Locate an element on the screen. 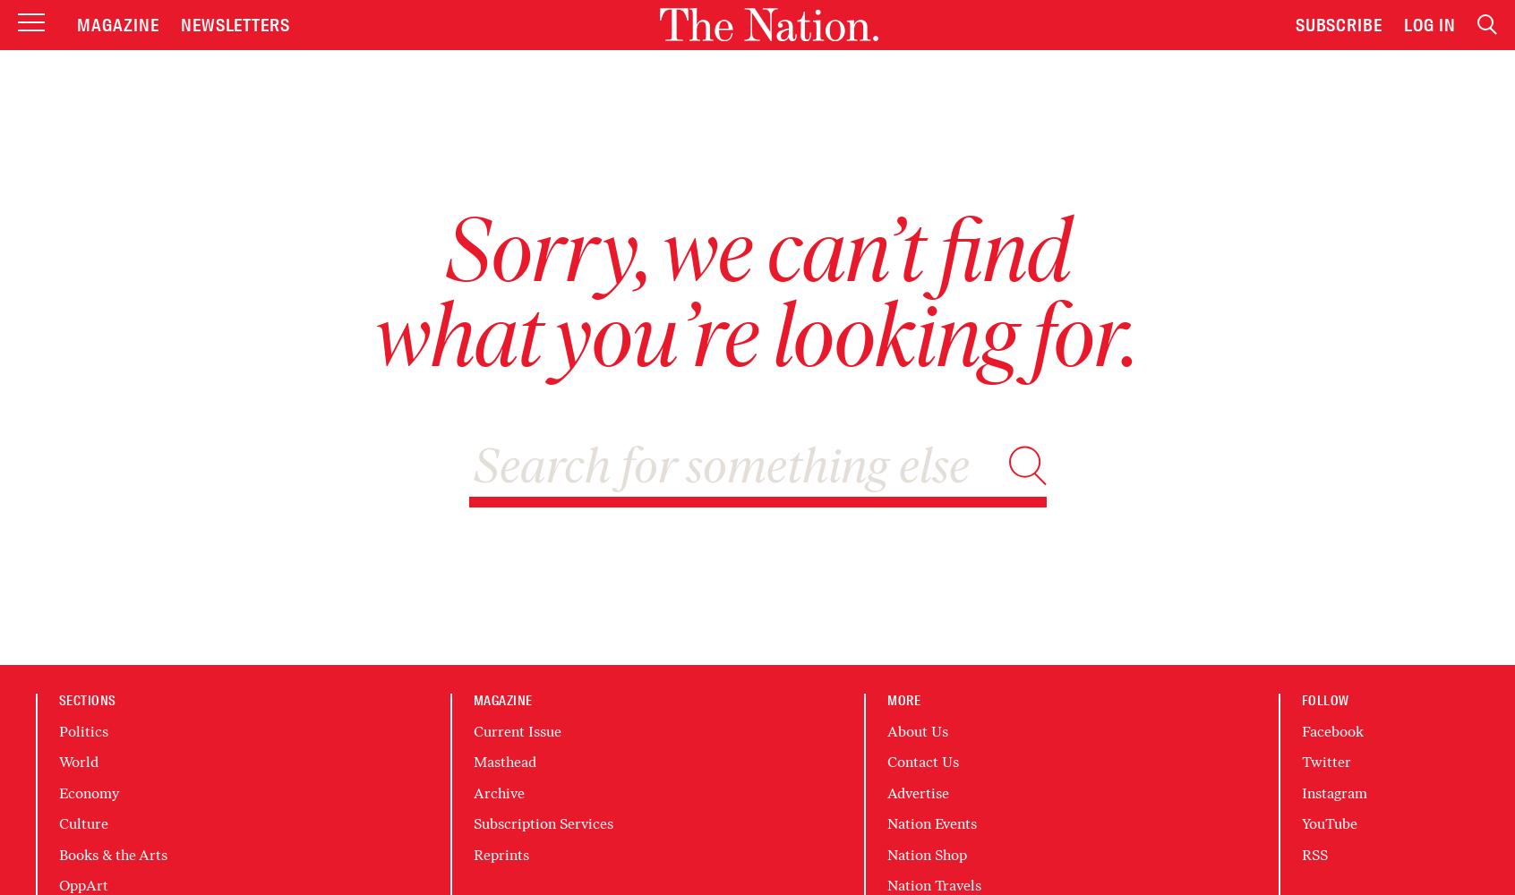 Image resolution: width=1515 pixels, height=895 pixels. 'About Us' is located at coordinates (917, 730).